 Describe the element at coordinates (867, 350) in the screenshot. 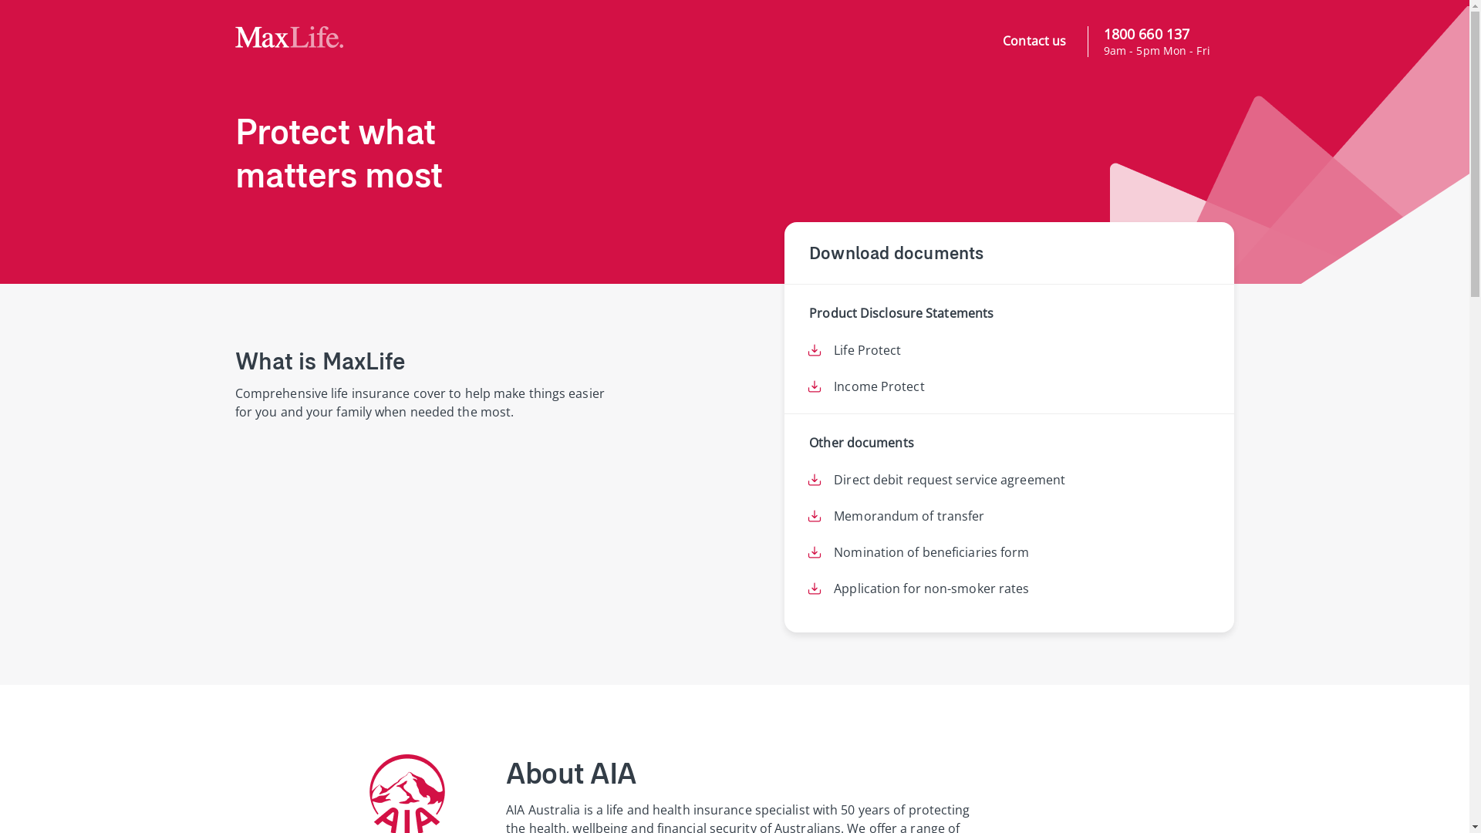

I see `'Life Protect'` at that location.